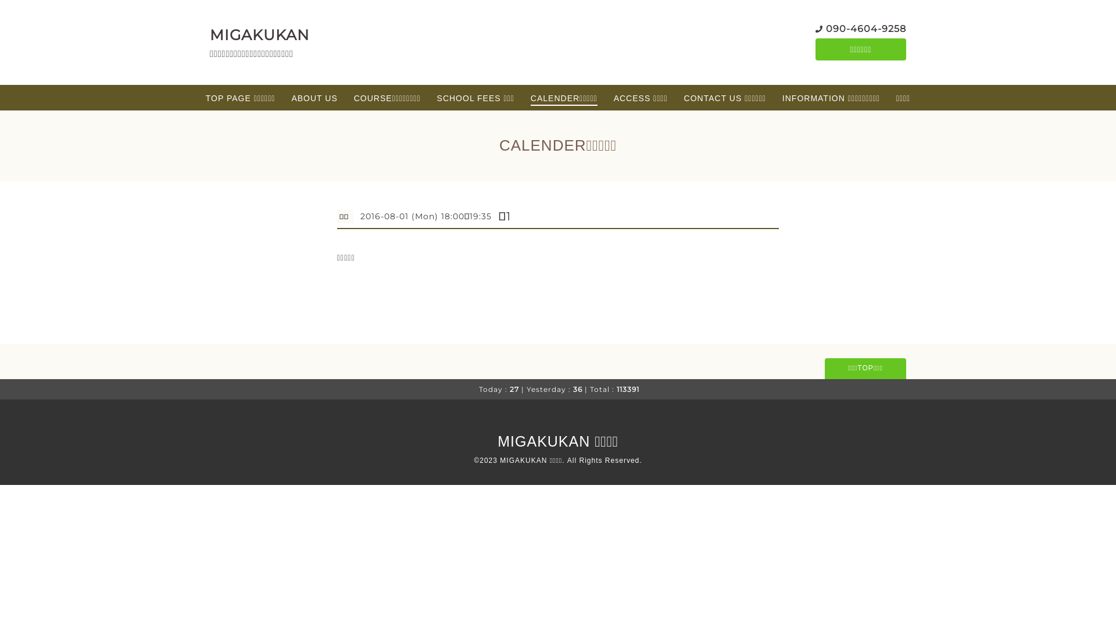  What do you see at coordinates (865, 28) in the screenshot?
I see `'090-4604-9258'` at bounding box center [865, 28].